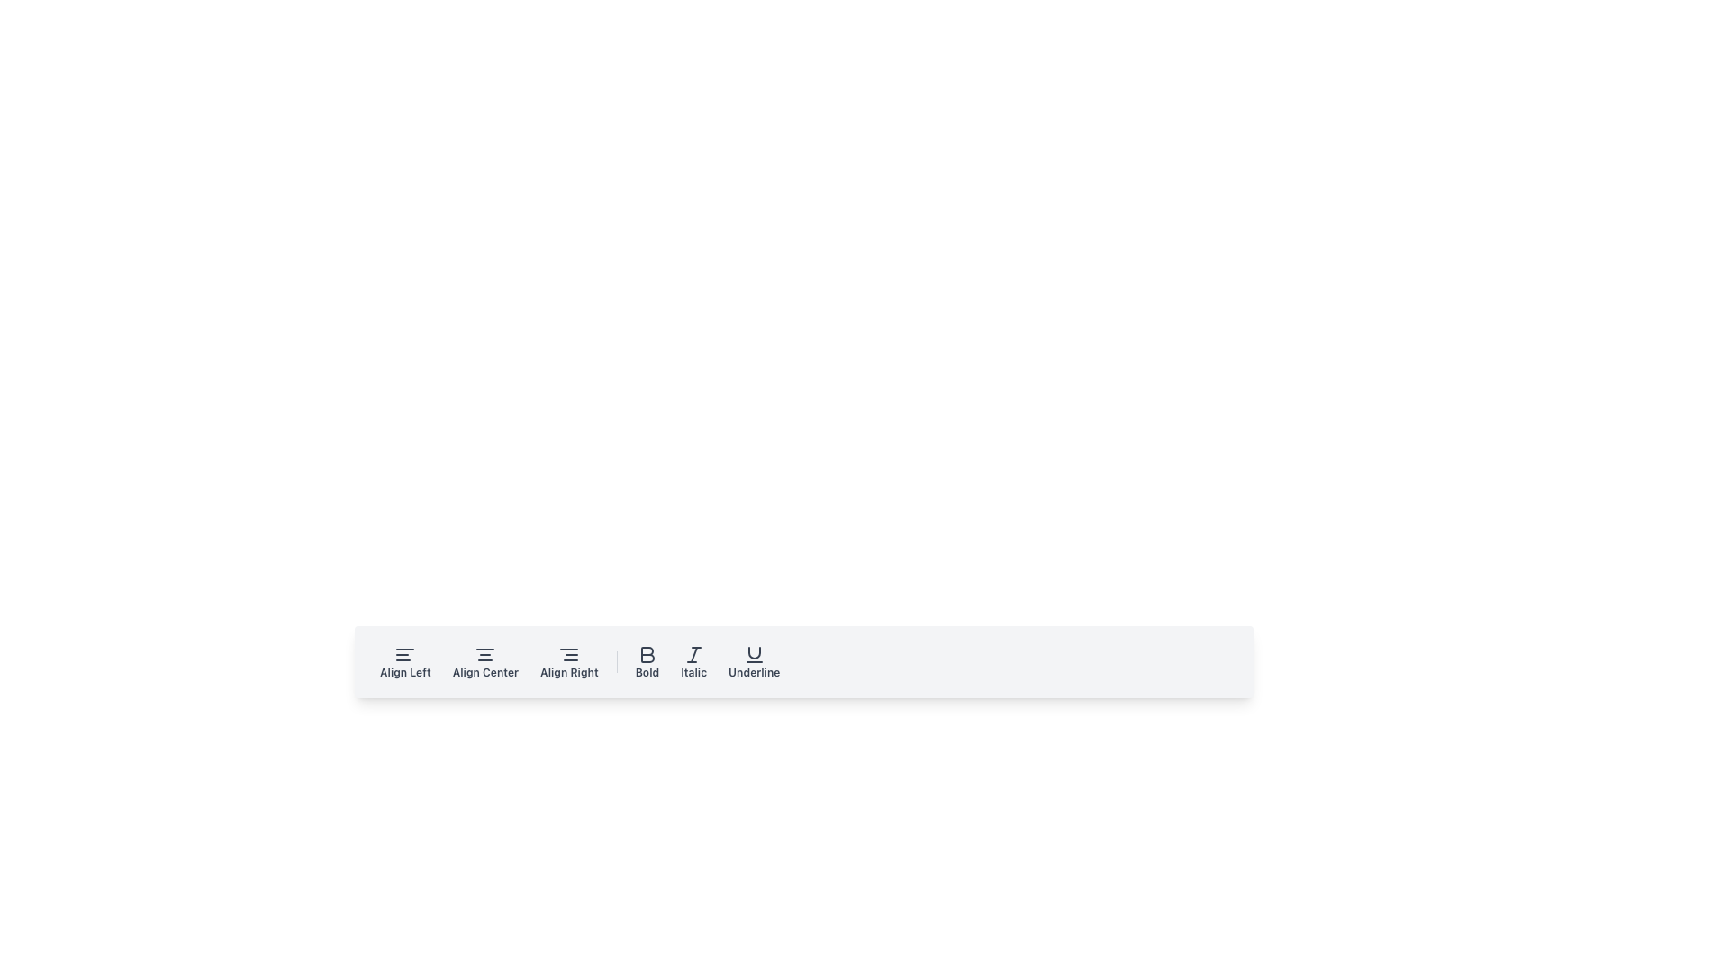  I want to click on the 'Align Left' button, which is represented by an icon of three horizontal lines and is located in the top-left corner of the toolbar panel, so click(404, 654).